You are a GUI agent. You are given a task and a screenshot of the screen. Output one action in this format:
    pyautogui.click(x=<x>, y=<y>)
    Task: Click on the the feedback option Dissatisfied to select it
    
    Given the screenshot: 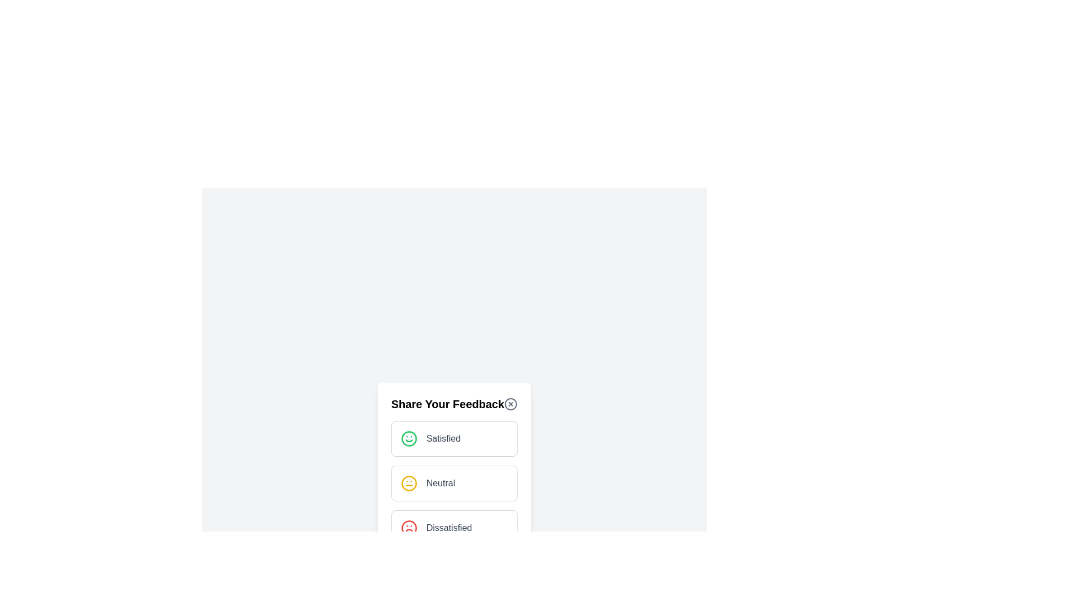 What is the action you would take?
    pyautogui.click(x=454, y=528)
    